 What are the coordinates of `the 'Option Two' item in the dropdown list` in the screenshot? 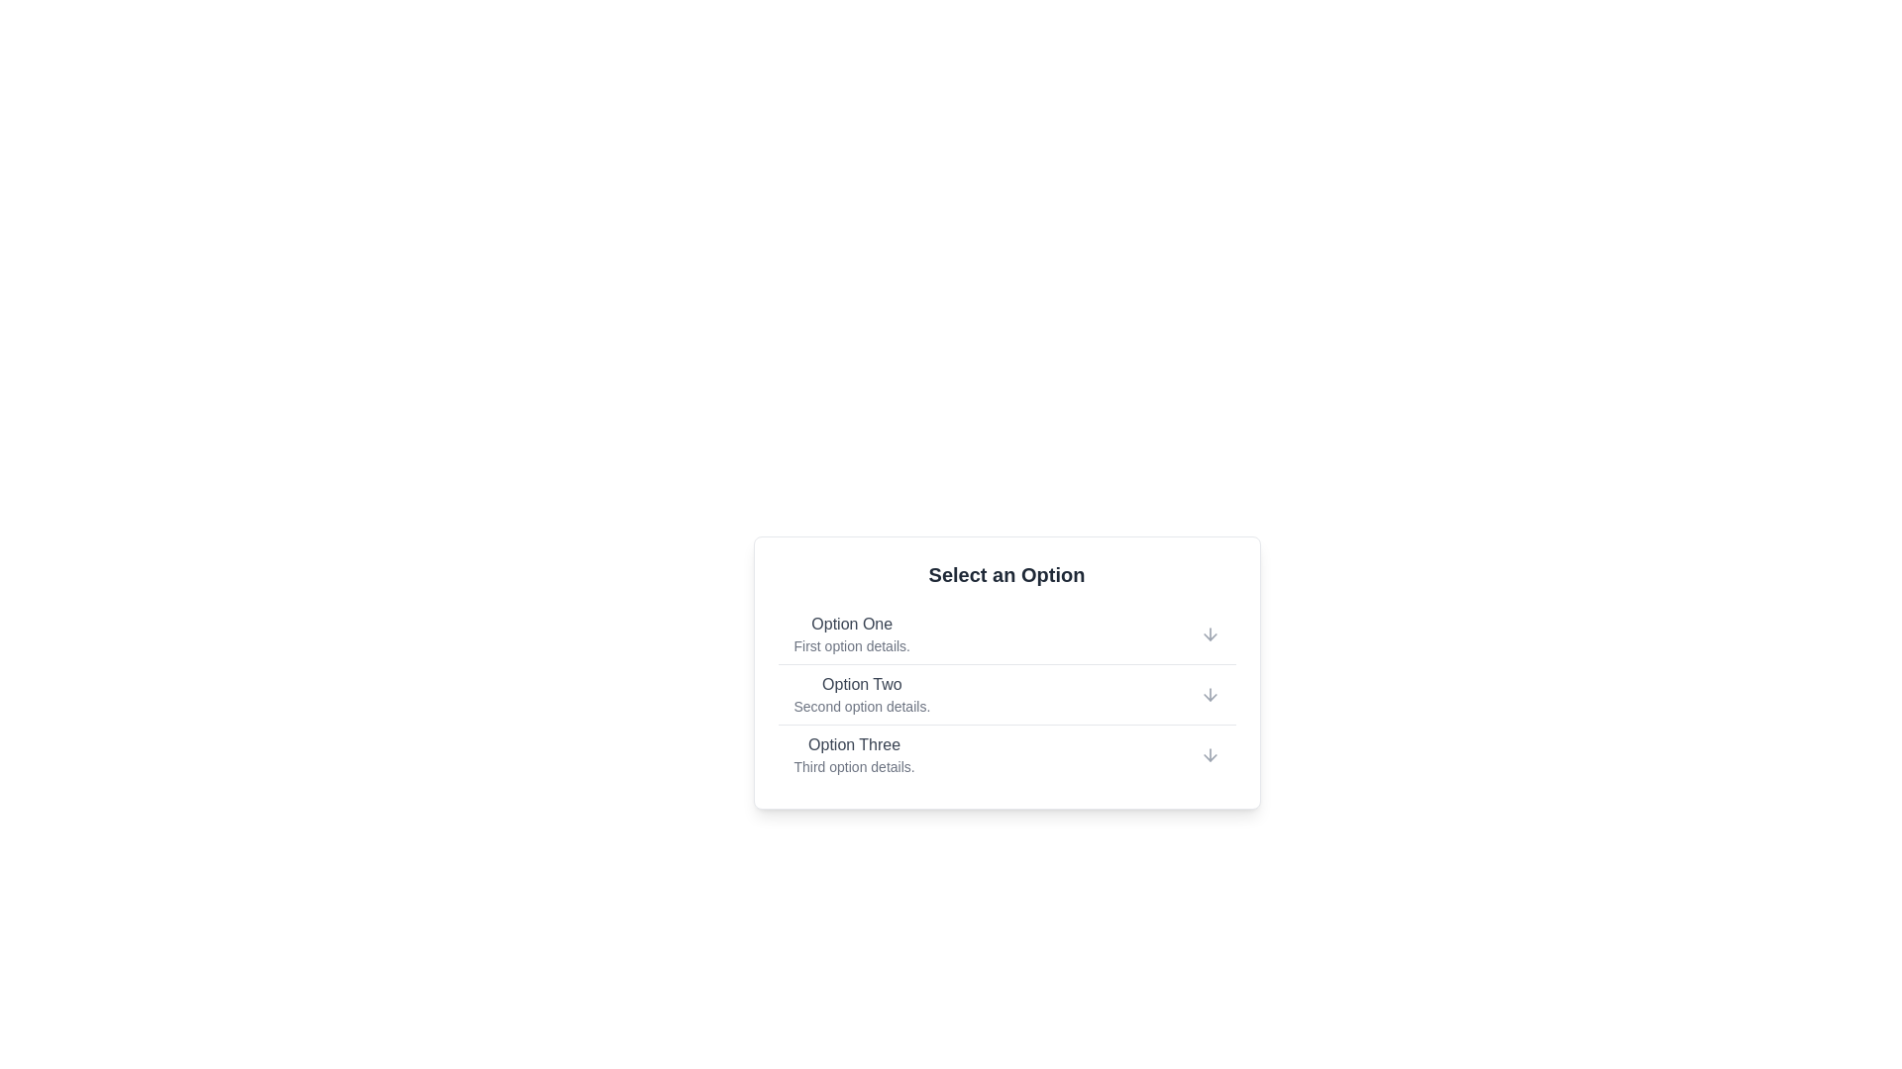 It's located at (862, 694).